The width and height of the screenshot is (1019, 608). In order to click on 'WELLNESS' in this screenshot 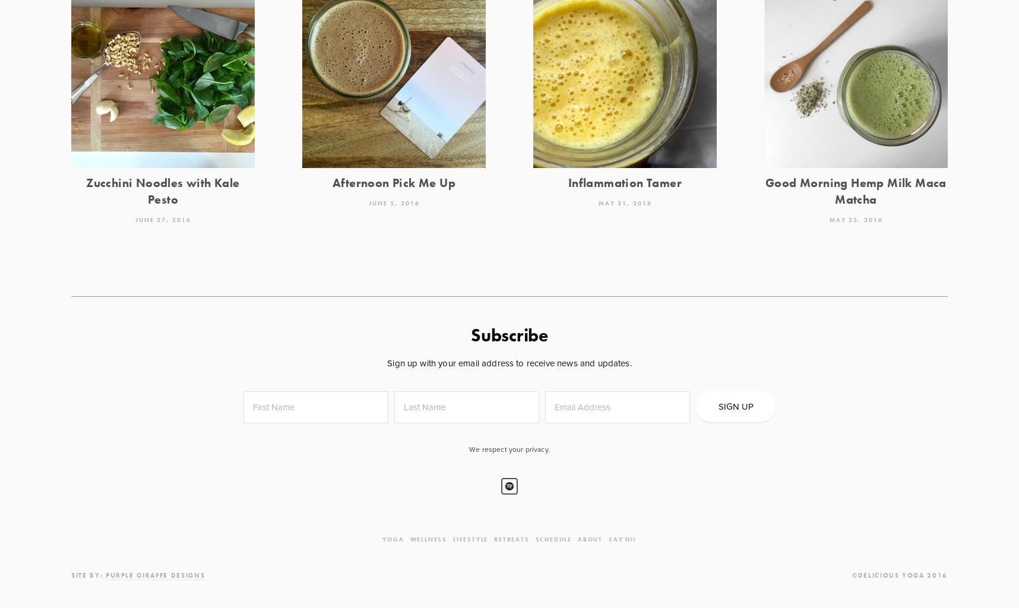, I will do `click(428, 538)`.